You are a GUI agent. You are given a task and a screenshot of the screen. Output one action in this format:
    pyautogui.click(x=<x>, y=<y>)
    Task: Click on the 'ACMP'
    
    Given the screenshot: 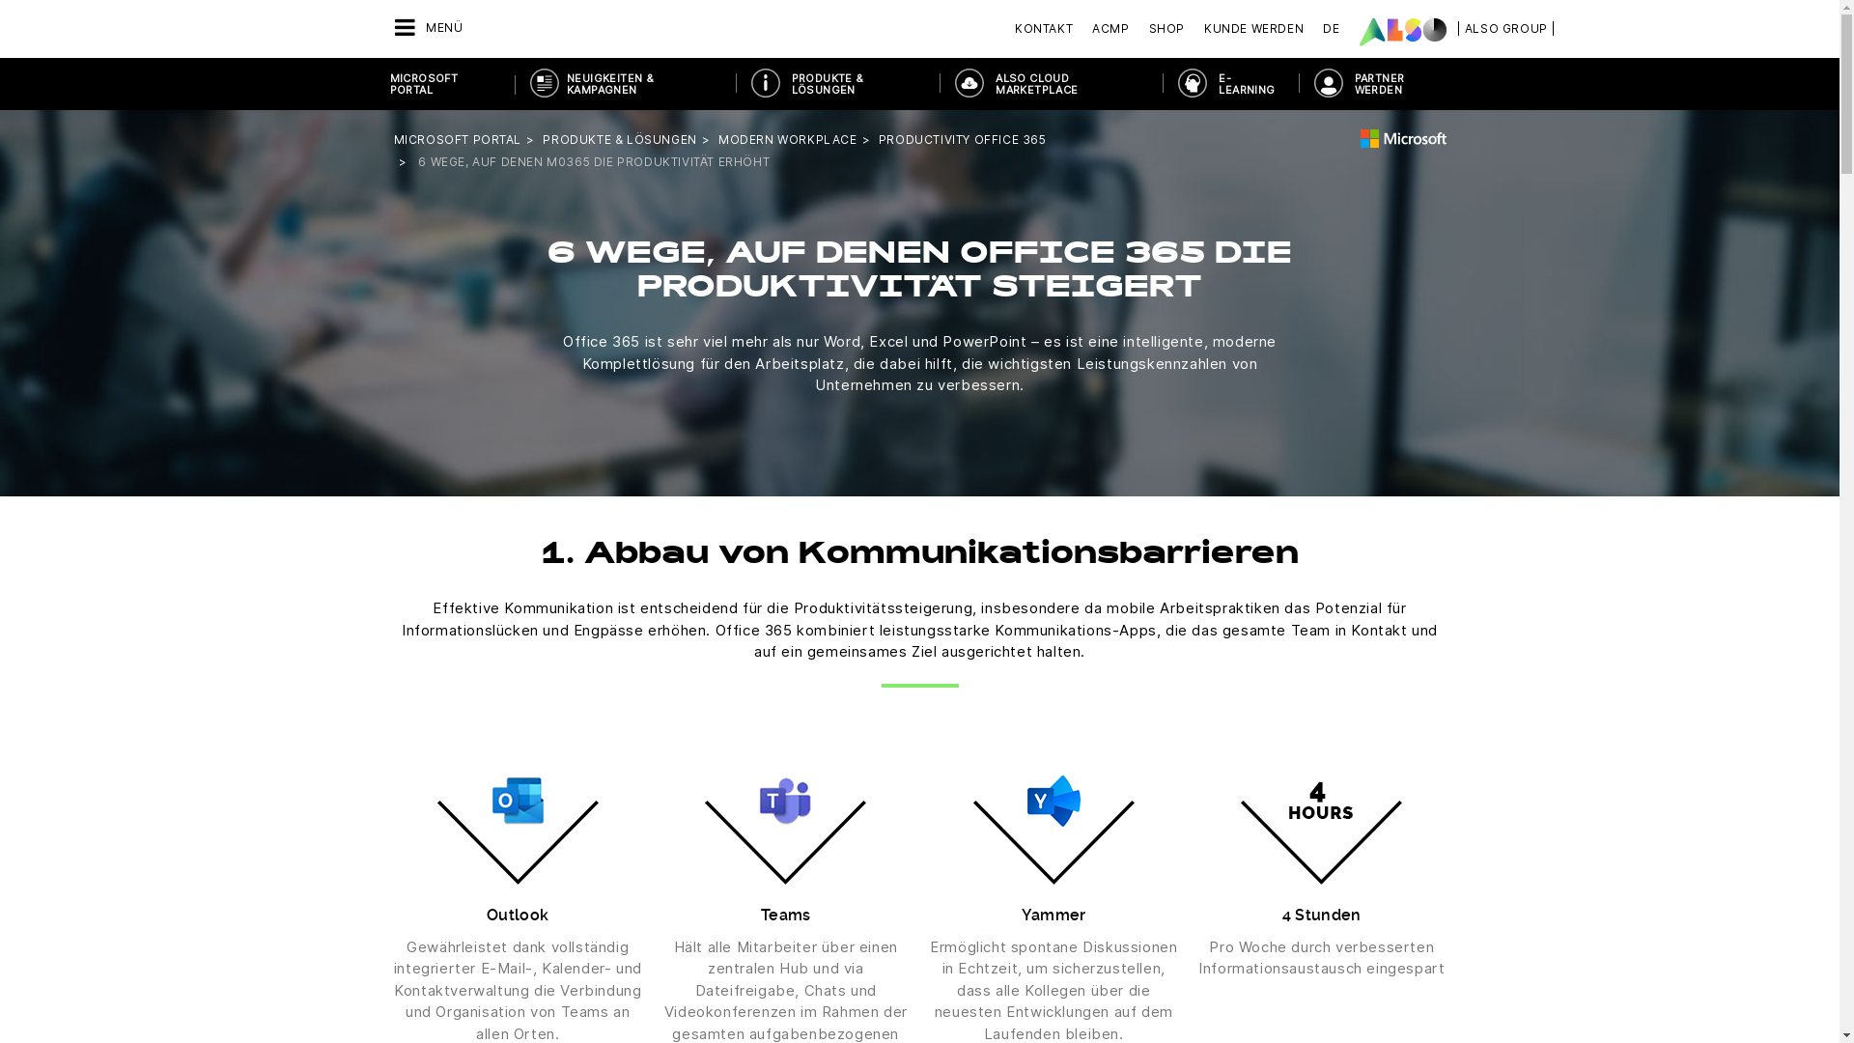 What is the action you would take?
    pyautogui.click(x=1110, y=29)
    